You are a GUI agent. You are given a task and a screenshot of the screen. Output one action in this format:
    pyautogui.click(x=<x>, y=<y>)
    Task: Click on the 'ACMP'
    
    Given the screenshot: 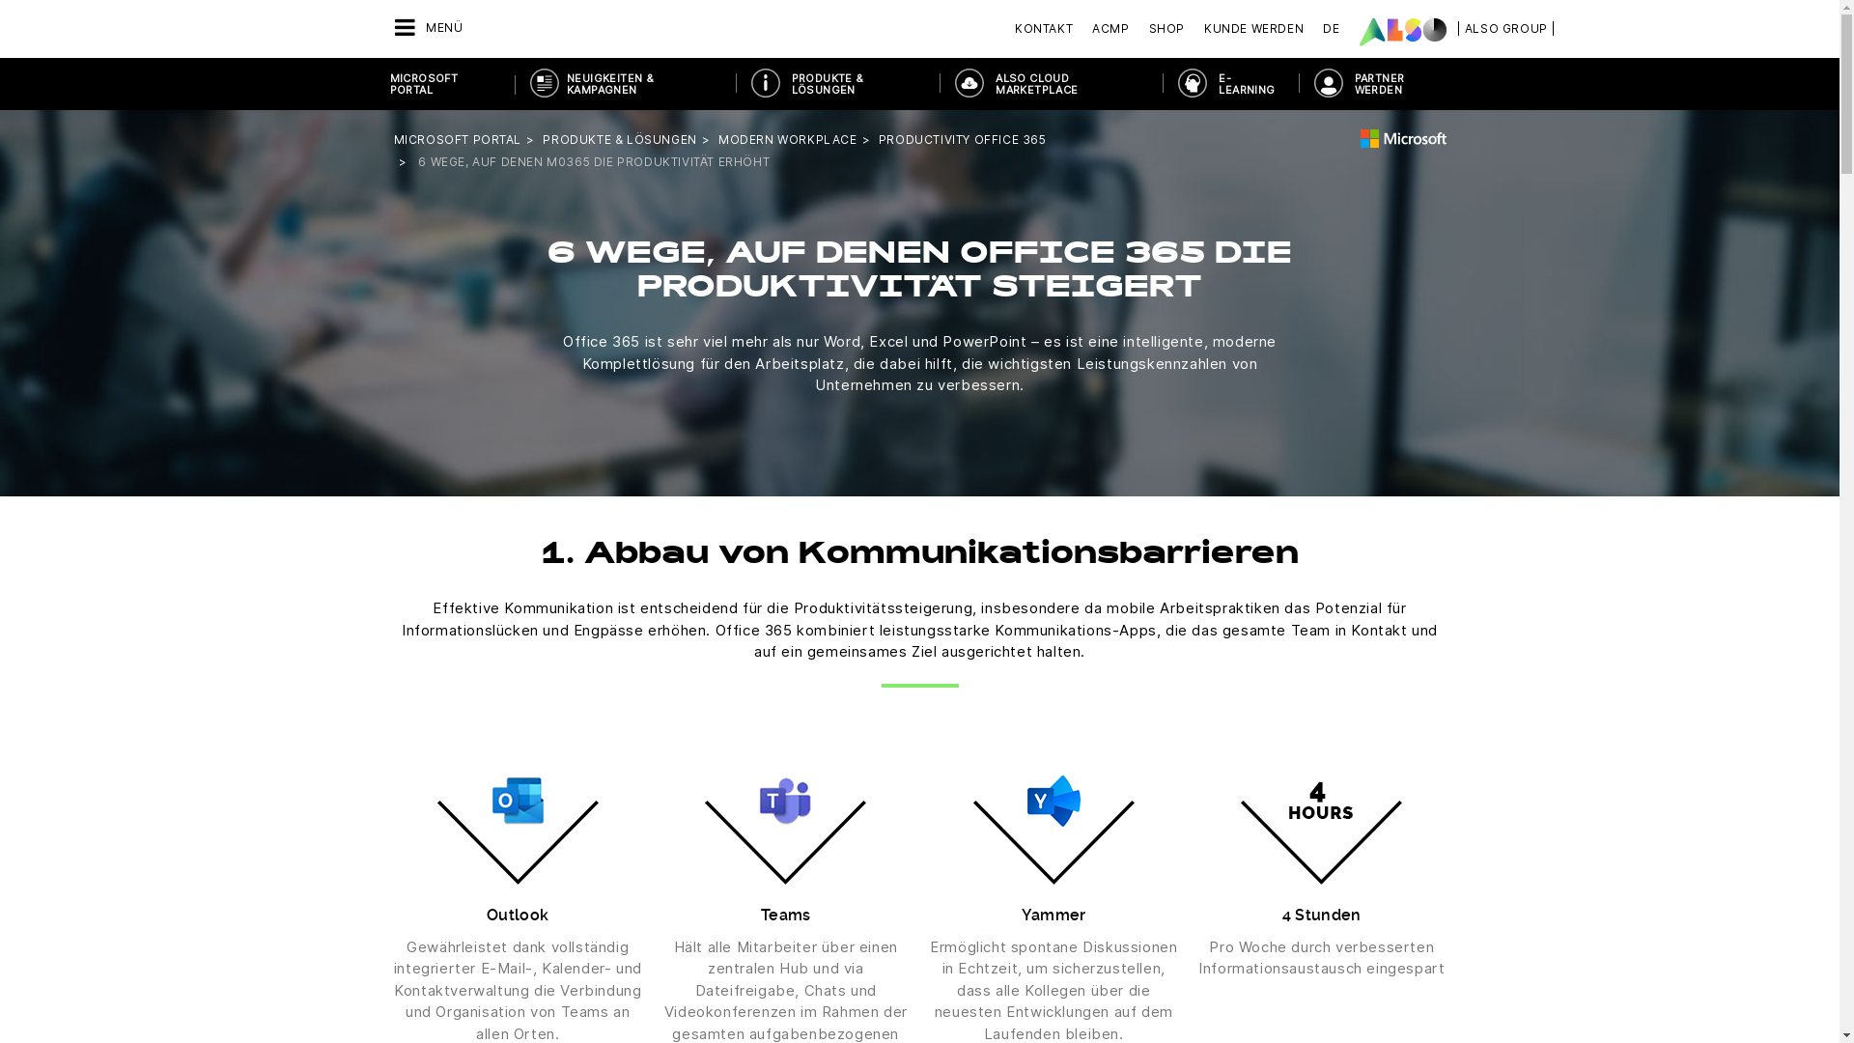 What is the action you would take?
    pyautogui.click(x=1110, y=29)
    